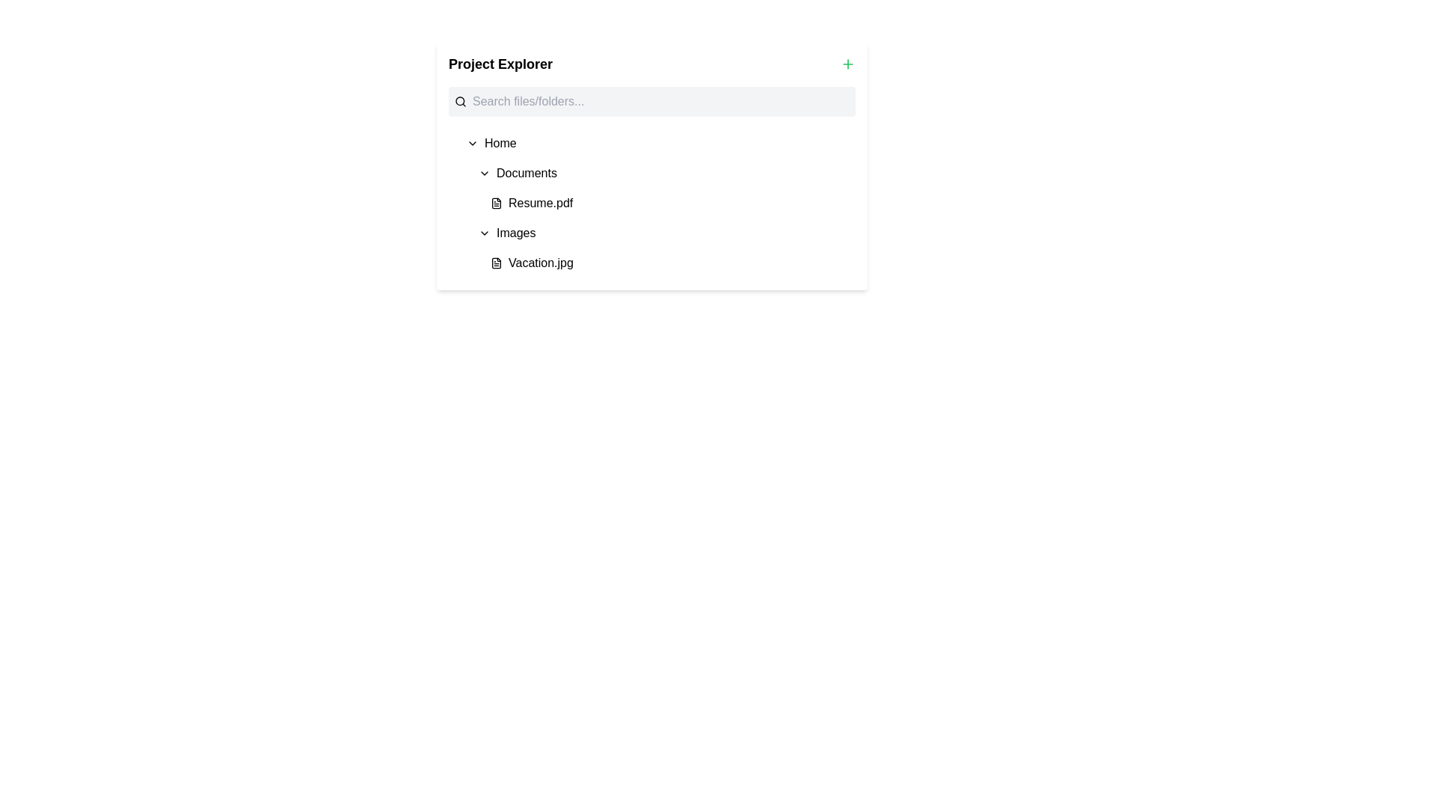 The width and height of the screenshot is (1436, 808). What do you see at coordinates (669, 262) in the screenshot?
I see `on the selectable file entry located under the 'Images' section in the 'Project Explorer' panel` at bounding box center [669, 262].